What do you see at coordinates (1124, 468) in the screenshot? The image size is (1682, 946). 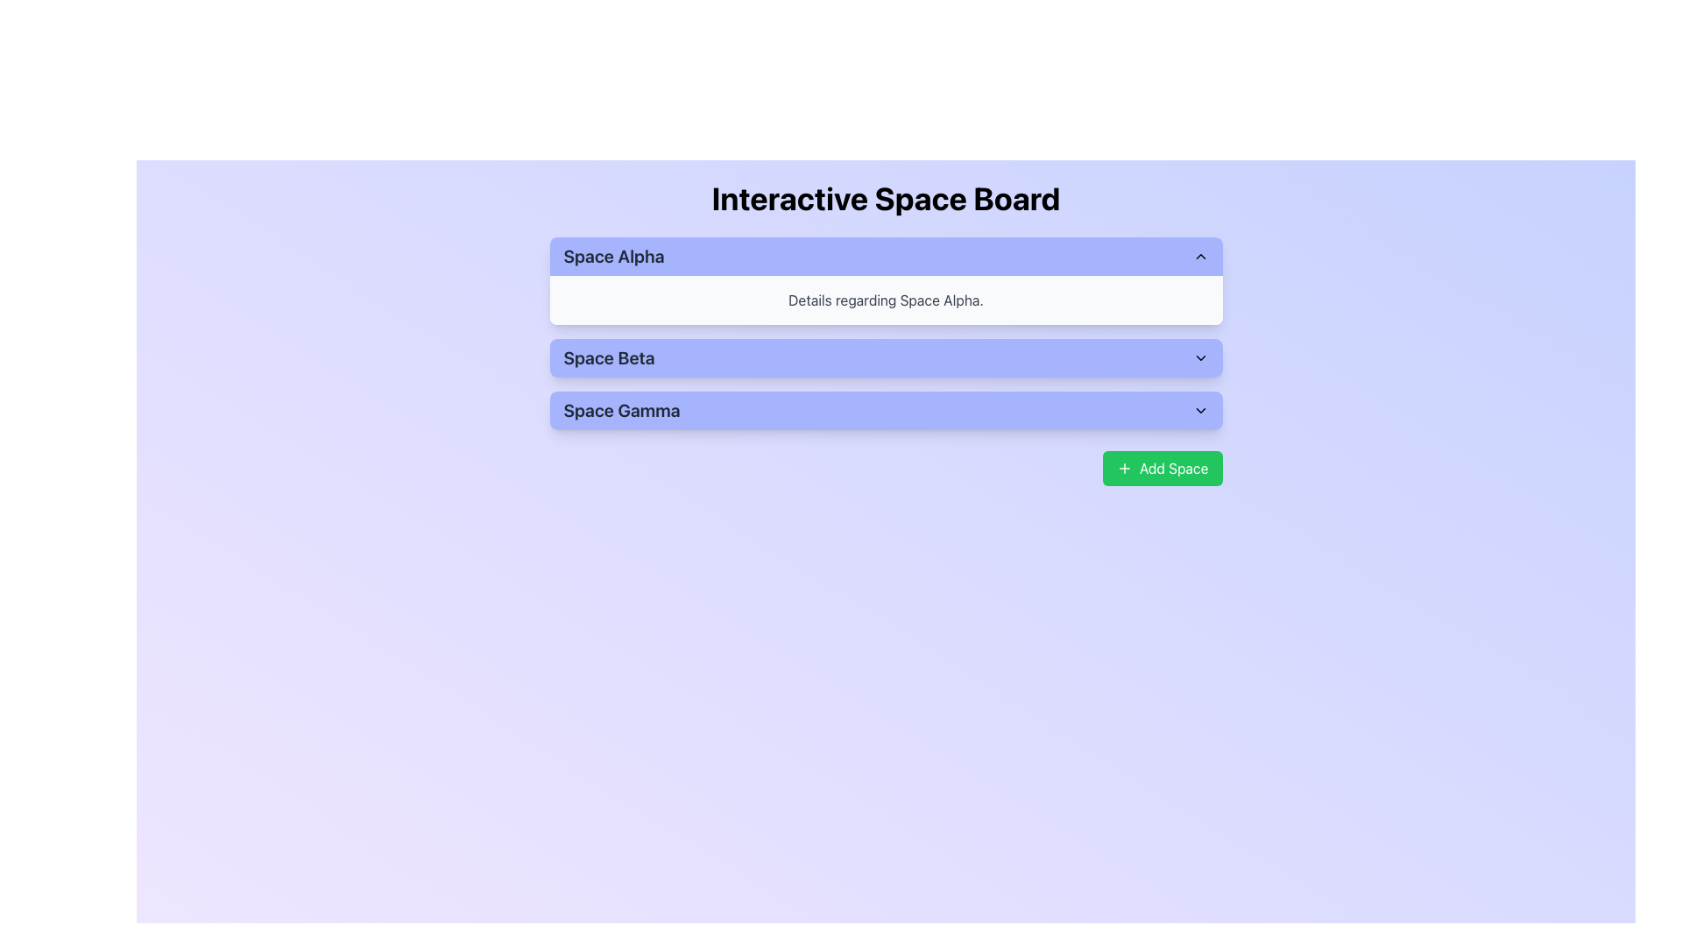 I see `the plus icon located inside the green 'Add Space' button` at bounding box center [1124, 468].